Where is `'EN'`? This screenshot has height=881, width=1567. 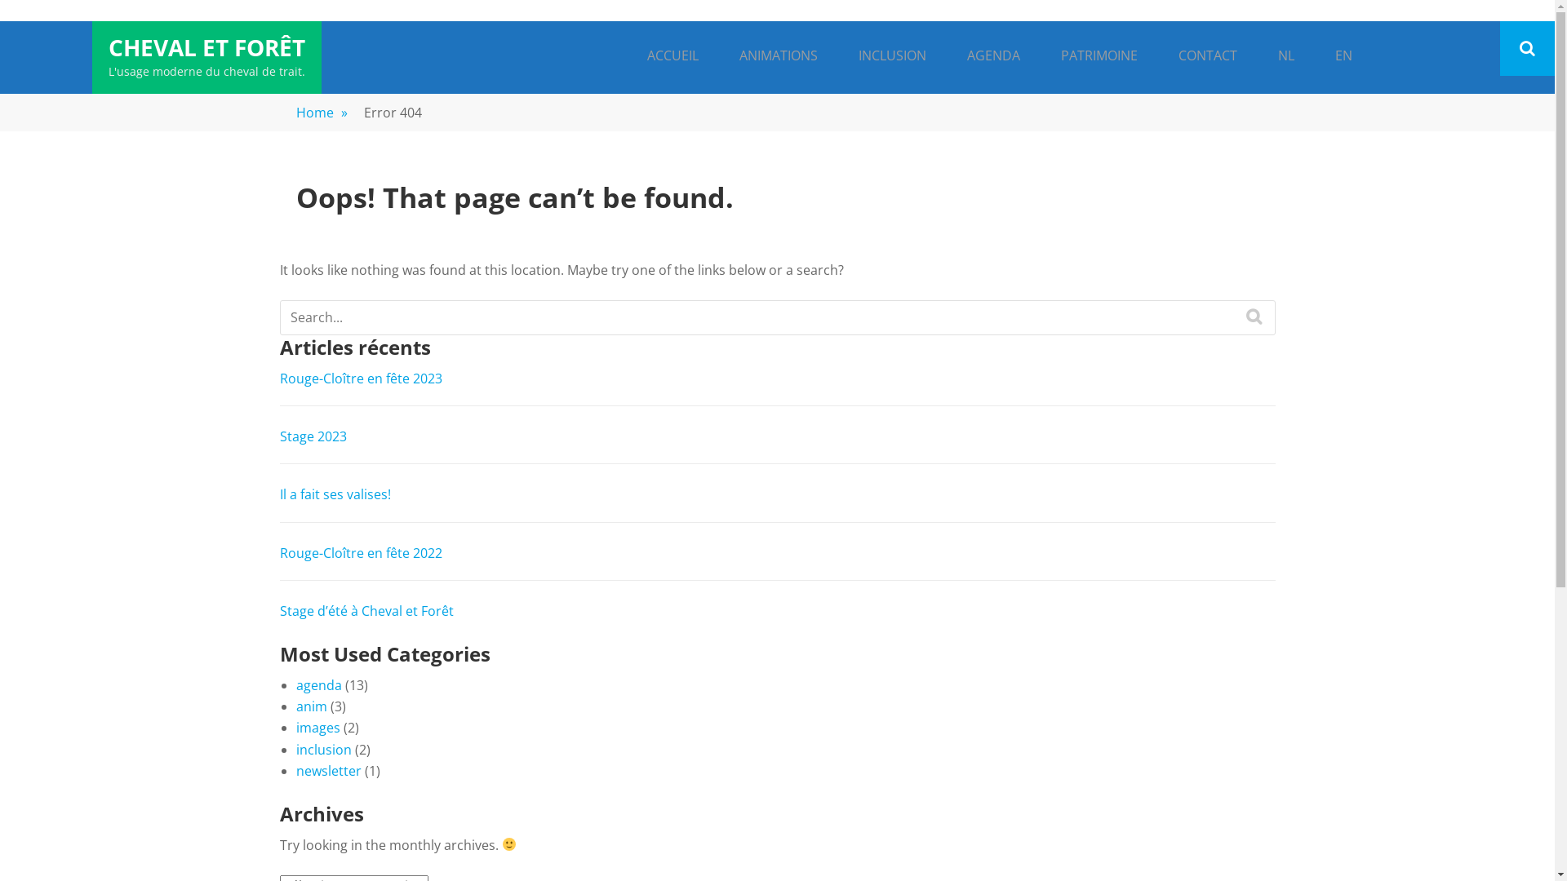
'EN' is located at coordinates (1322, 55).